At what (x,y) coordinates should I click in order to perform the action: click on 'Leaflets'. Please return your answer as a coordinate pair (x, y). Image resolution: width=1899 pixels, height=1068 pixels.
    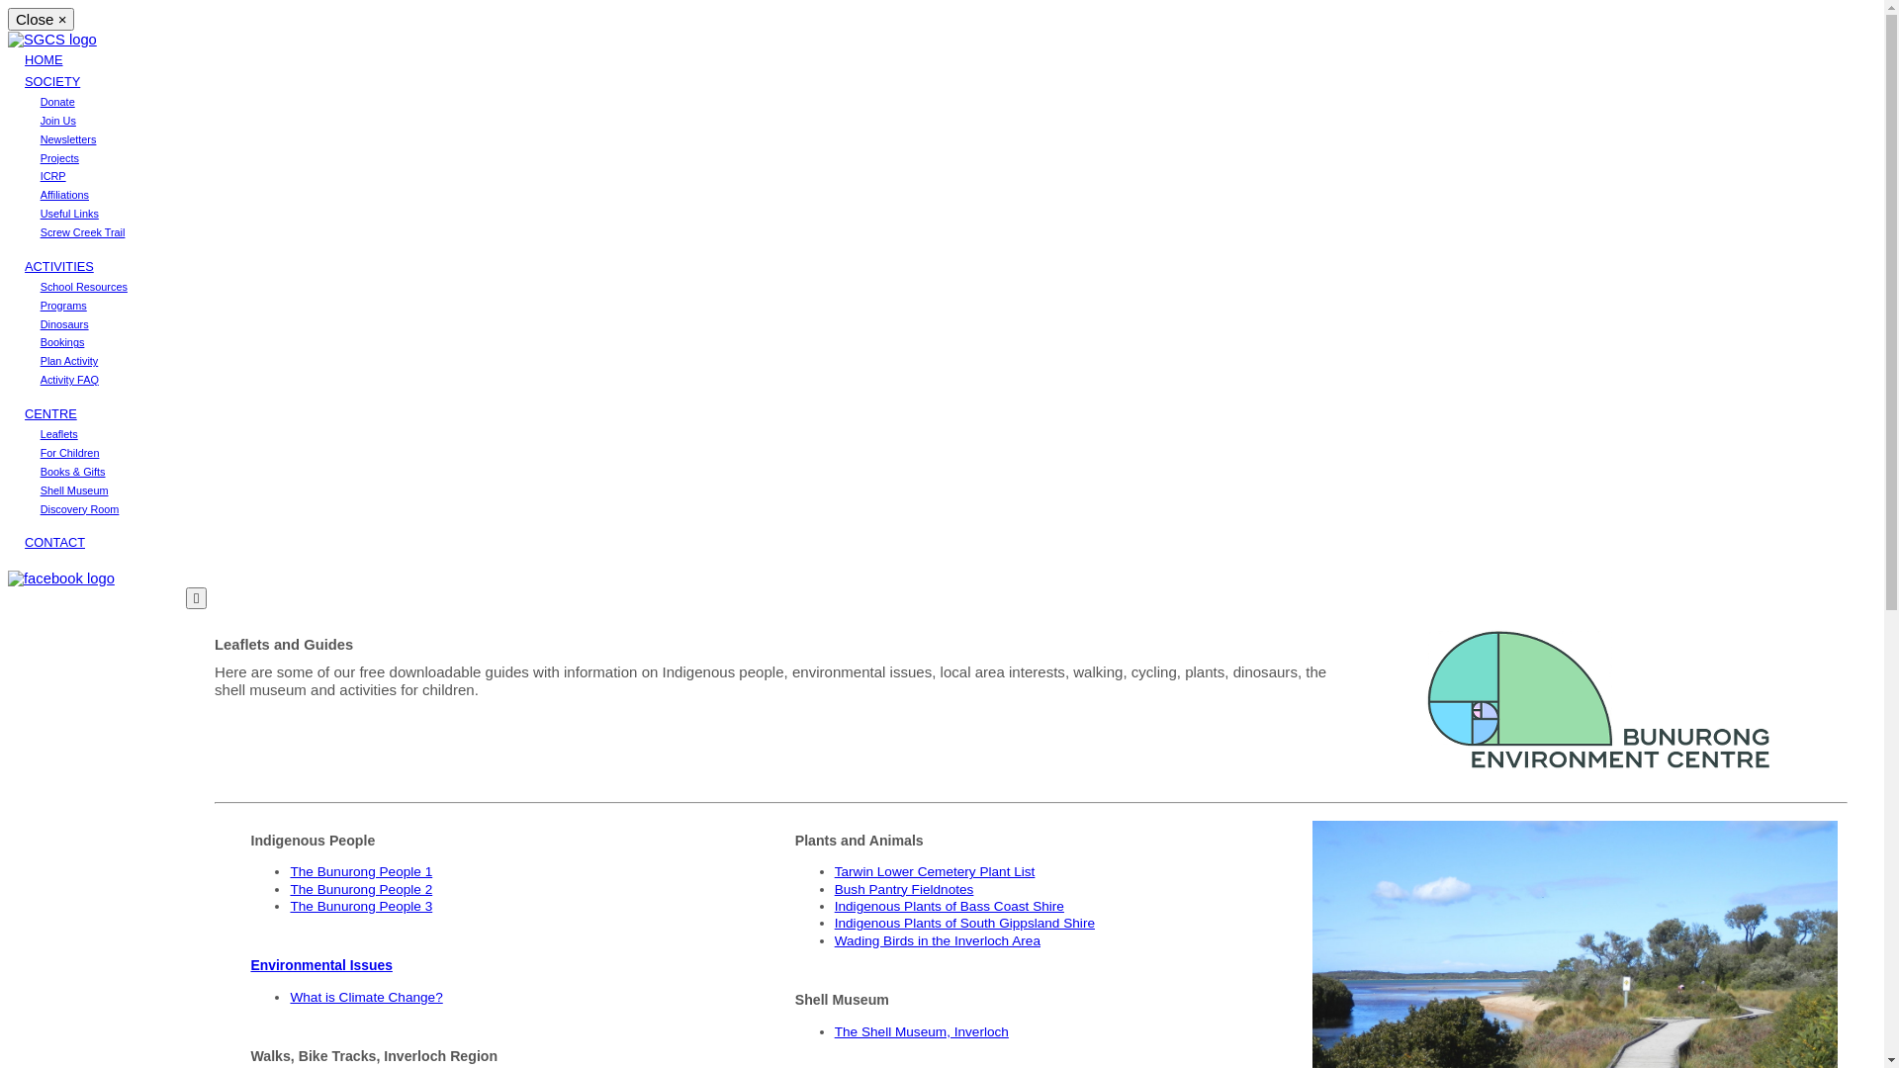
    Looking at the image, I should click on (58, 433).